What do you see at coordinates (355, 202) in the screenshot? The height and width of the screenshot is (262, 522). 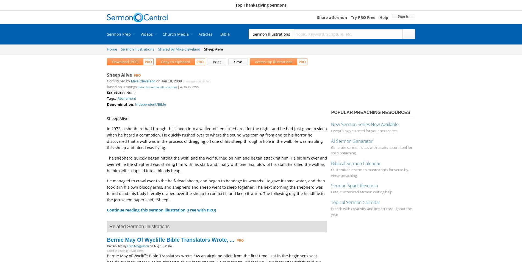 I see `'Topical Sermon Calendar'` at bounding box center [355, 202].